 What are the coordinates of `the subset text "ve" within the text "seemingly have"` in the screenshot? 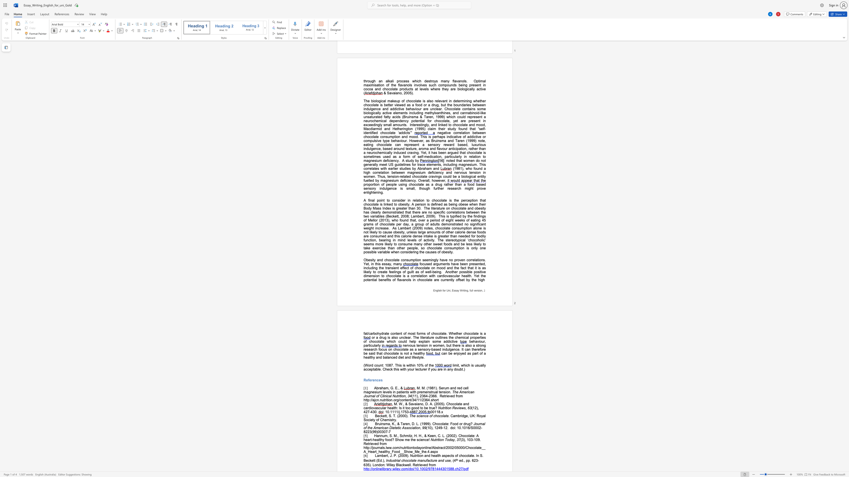 It's located at (443, 259).